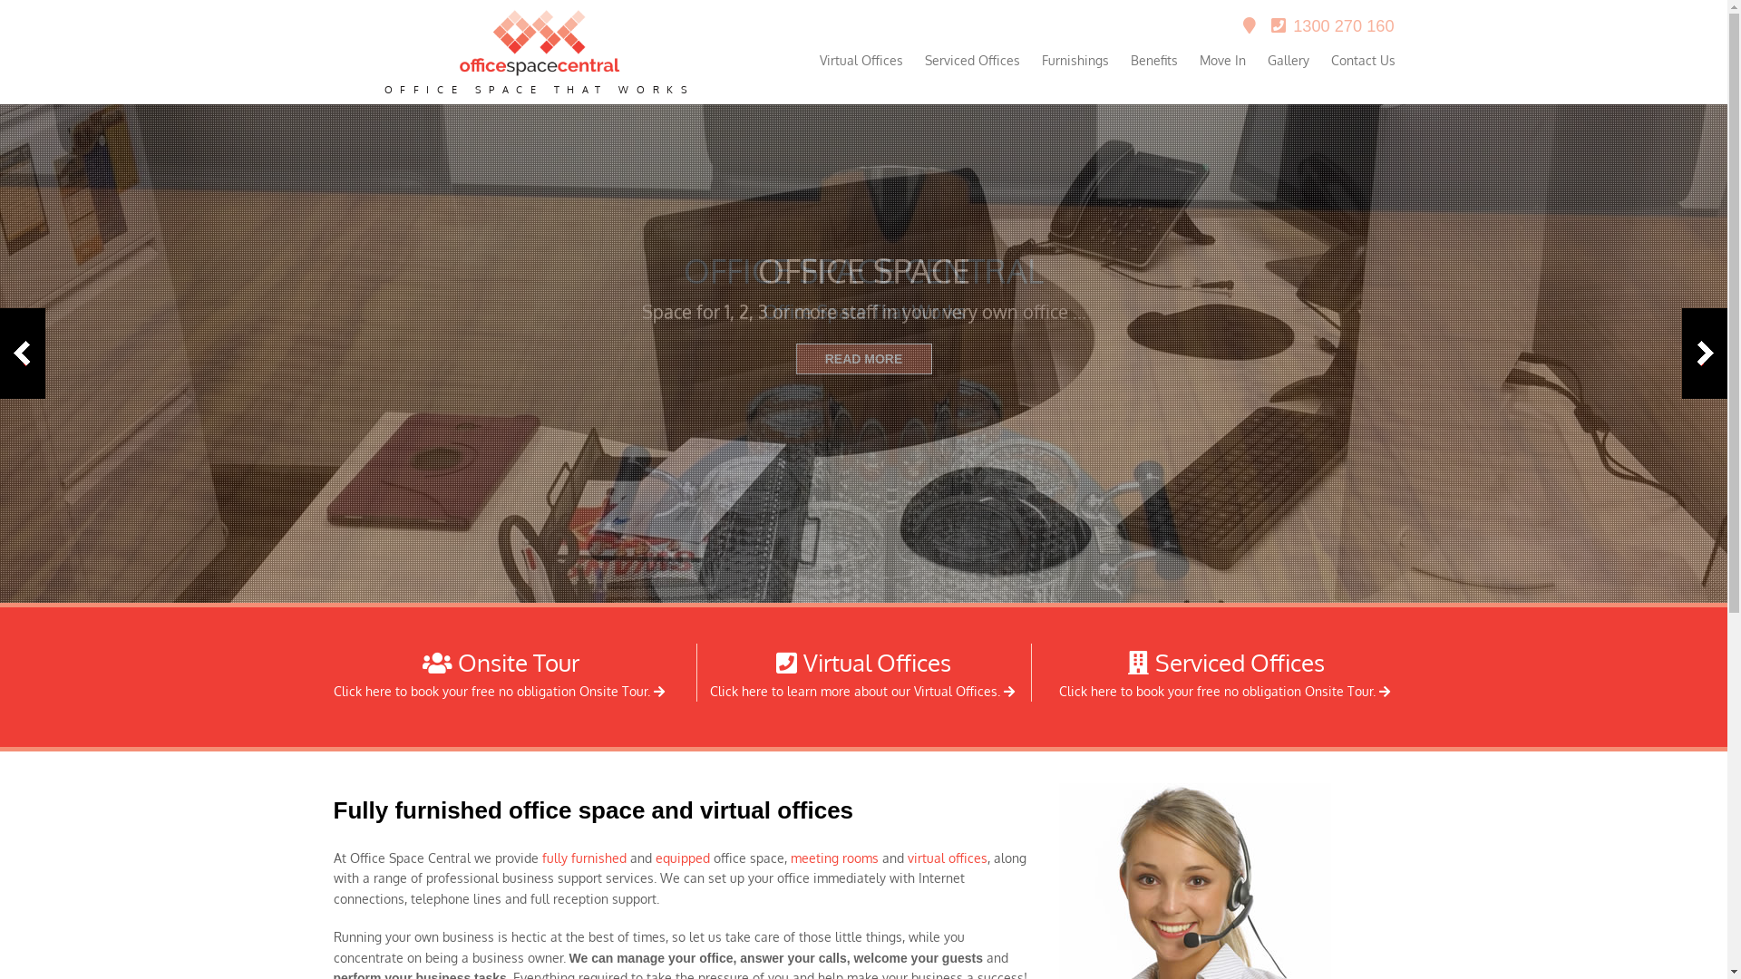  I want to click on ' Onsite Tour', so click(501, 662).